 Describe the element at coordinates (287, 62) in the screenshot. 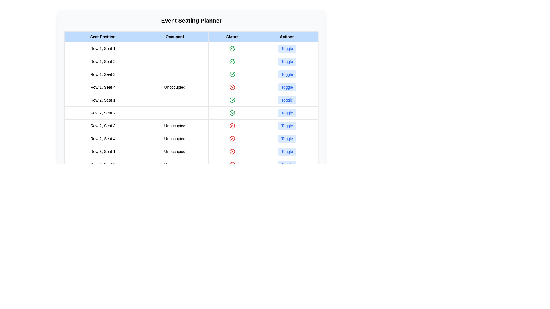

I see `the 'Toggle' button with blue text on a light blue background, located in the 'Actions' column as the third button corresponding to 'Row 1, Seat 3'` at that location.